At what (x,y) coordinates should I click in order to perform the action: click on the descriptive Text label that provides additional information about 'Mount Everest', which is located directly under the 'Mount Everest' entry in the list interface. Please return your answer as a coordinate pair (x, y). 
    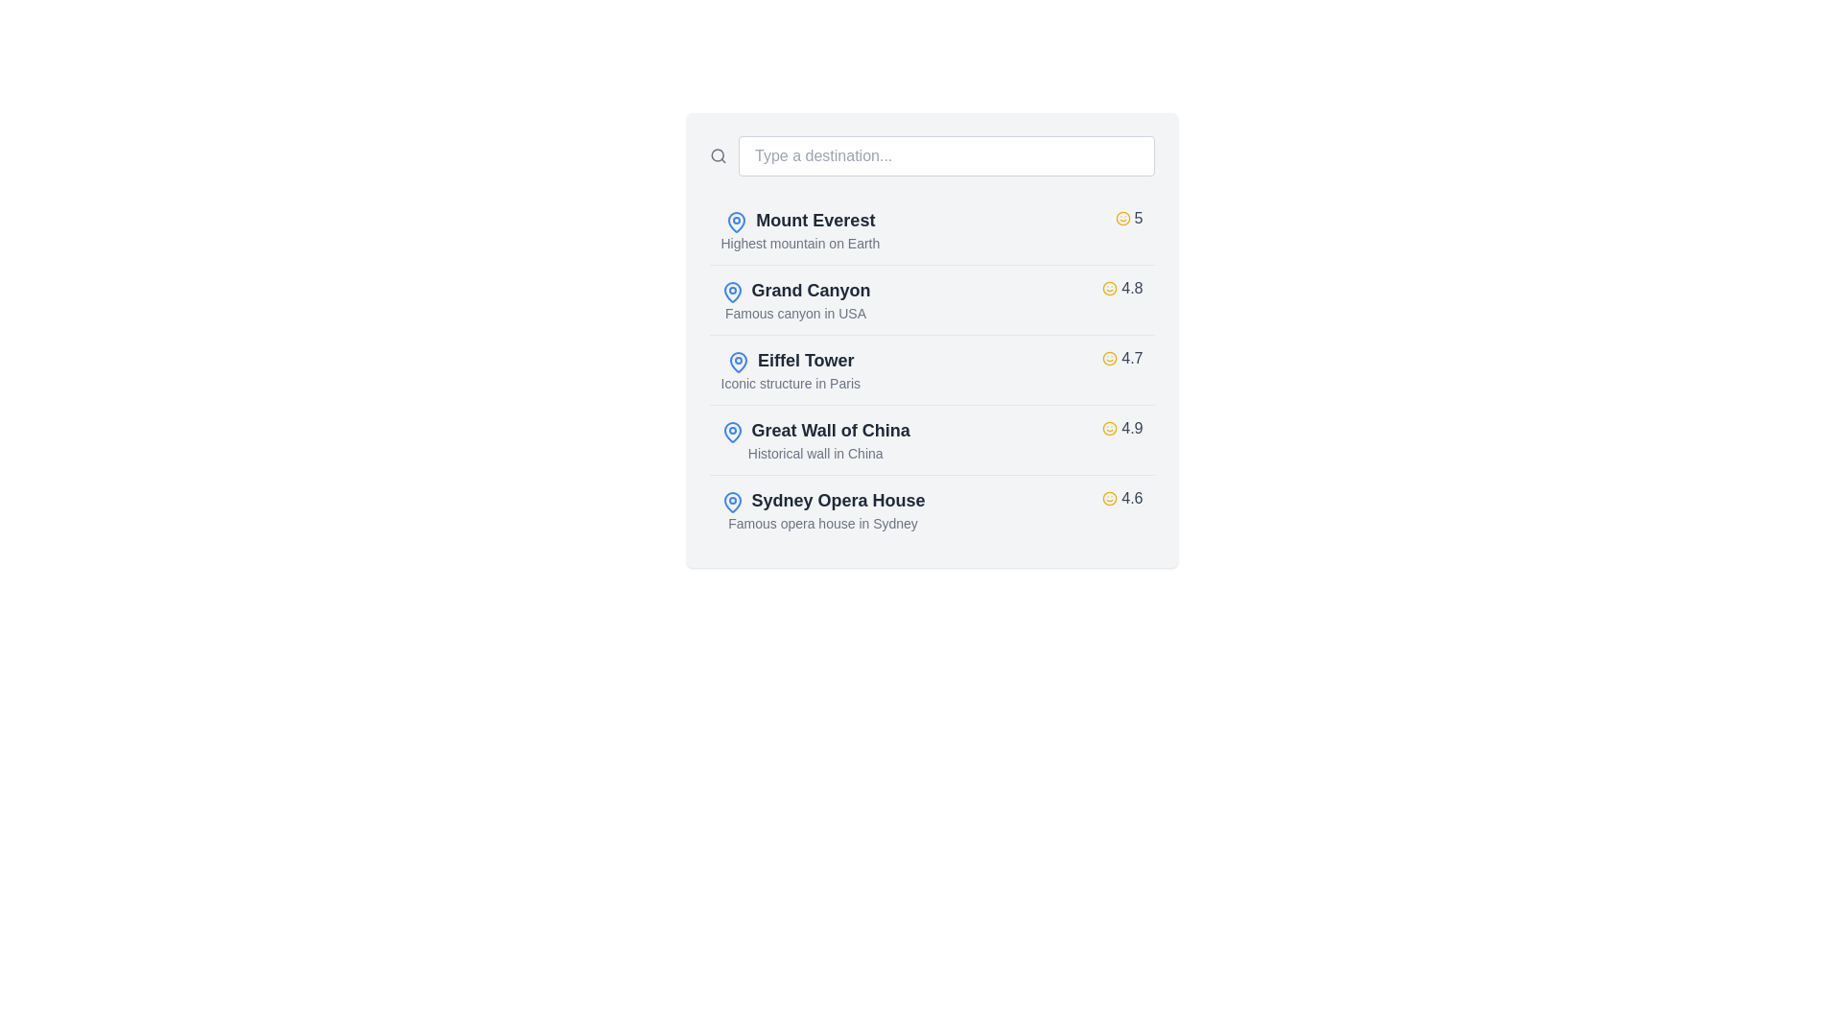
    Looking at the image, I should click on (800, 243).